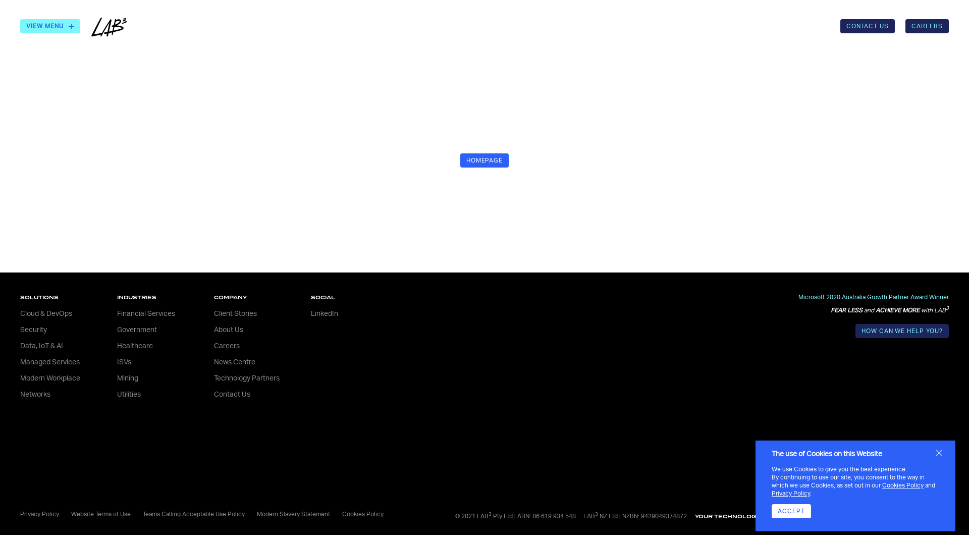 Image resolution: width=969 pixels, height=545 pixels. What do you see at coordinates (128, 394) in the screenshot?
I see `'Utilities'` at bounding box center [128, 394].